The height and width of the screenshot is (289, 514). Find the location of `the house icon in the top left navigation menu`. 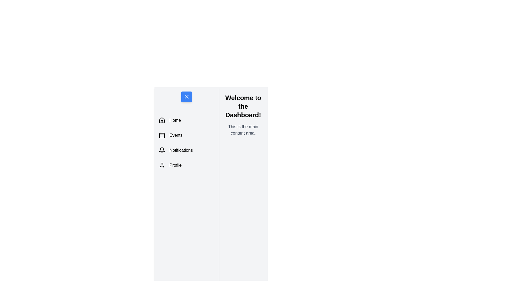

the house icon in the top left navigation menu is located at coordinates (161, 120).